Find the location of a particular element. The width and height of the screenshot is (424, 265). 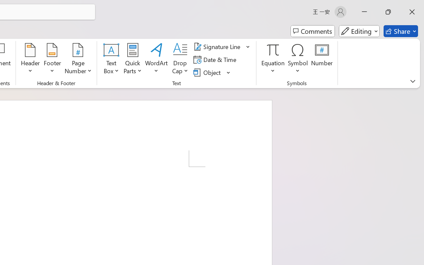

'Equation' is located at coordinates (273, 50).